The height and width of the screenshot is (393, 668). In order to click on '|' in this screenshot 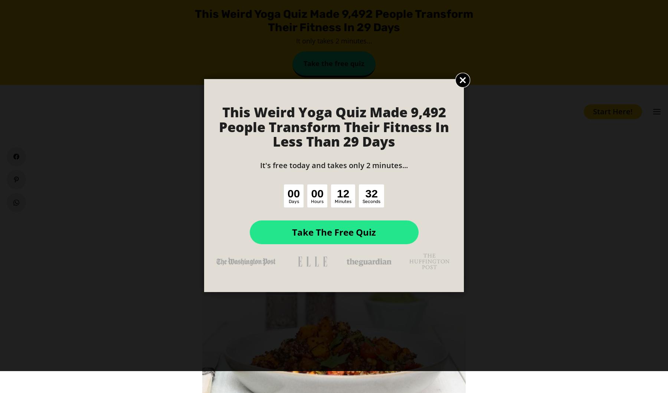, I will do `click(330, 227)`.